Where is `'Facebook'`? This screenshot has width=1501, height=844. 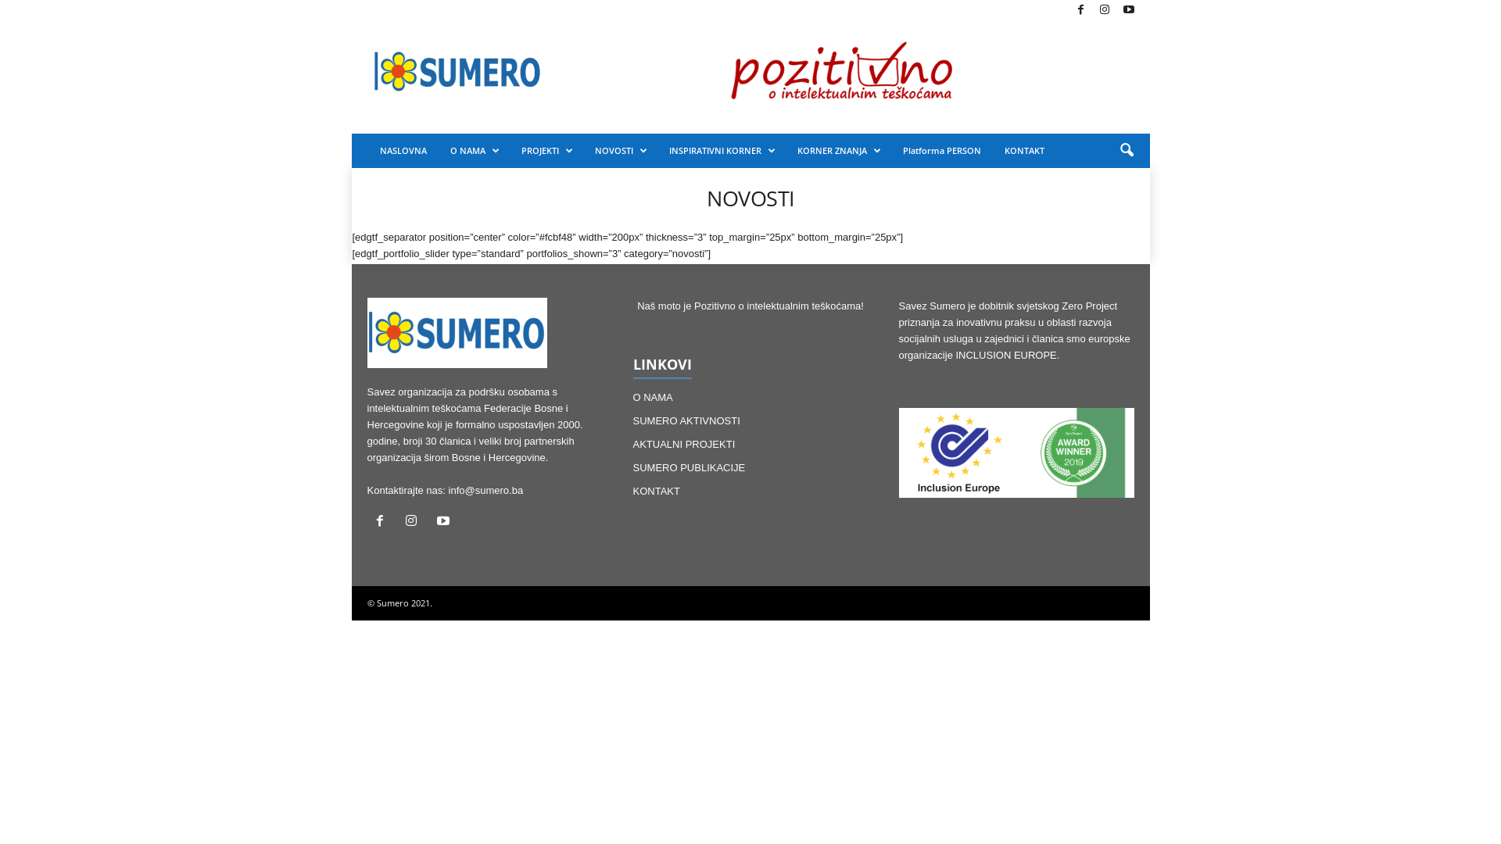
'Facebook' is located at coordinates (383, 522).